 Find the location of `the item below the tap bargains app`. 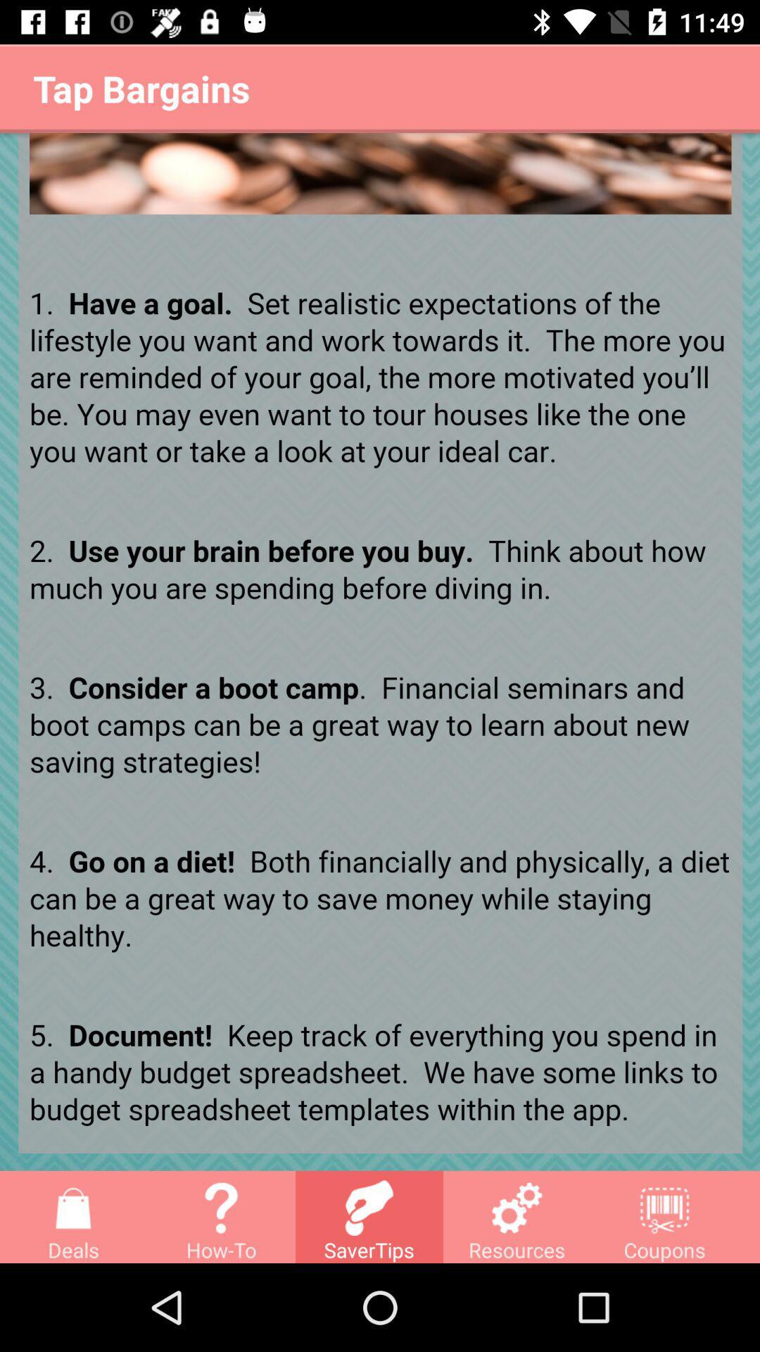

the item below the tap bargains app is located at coordinates (380, 651).